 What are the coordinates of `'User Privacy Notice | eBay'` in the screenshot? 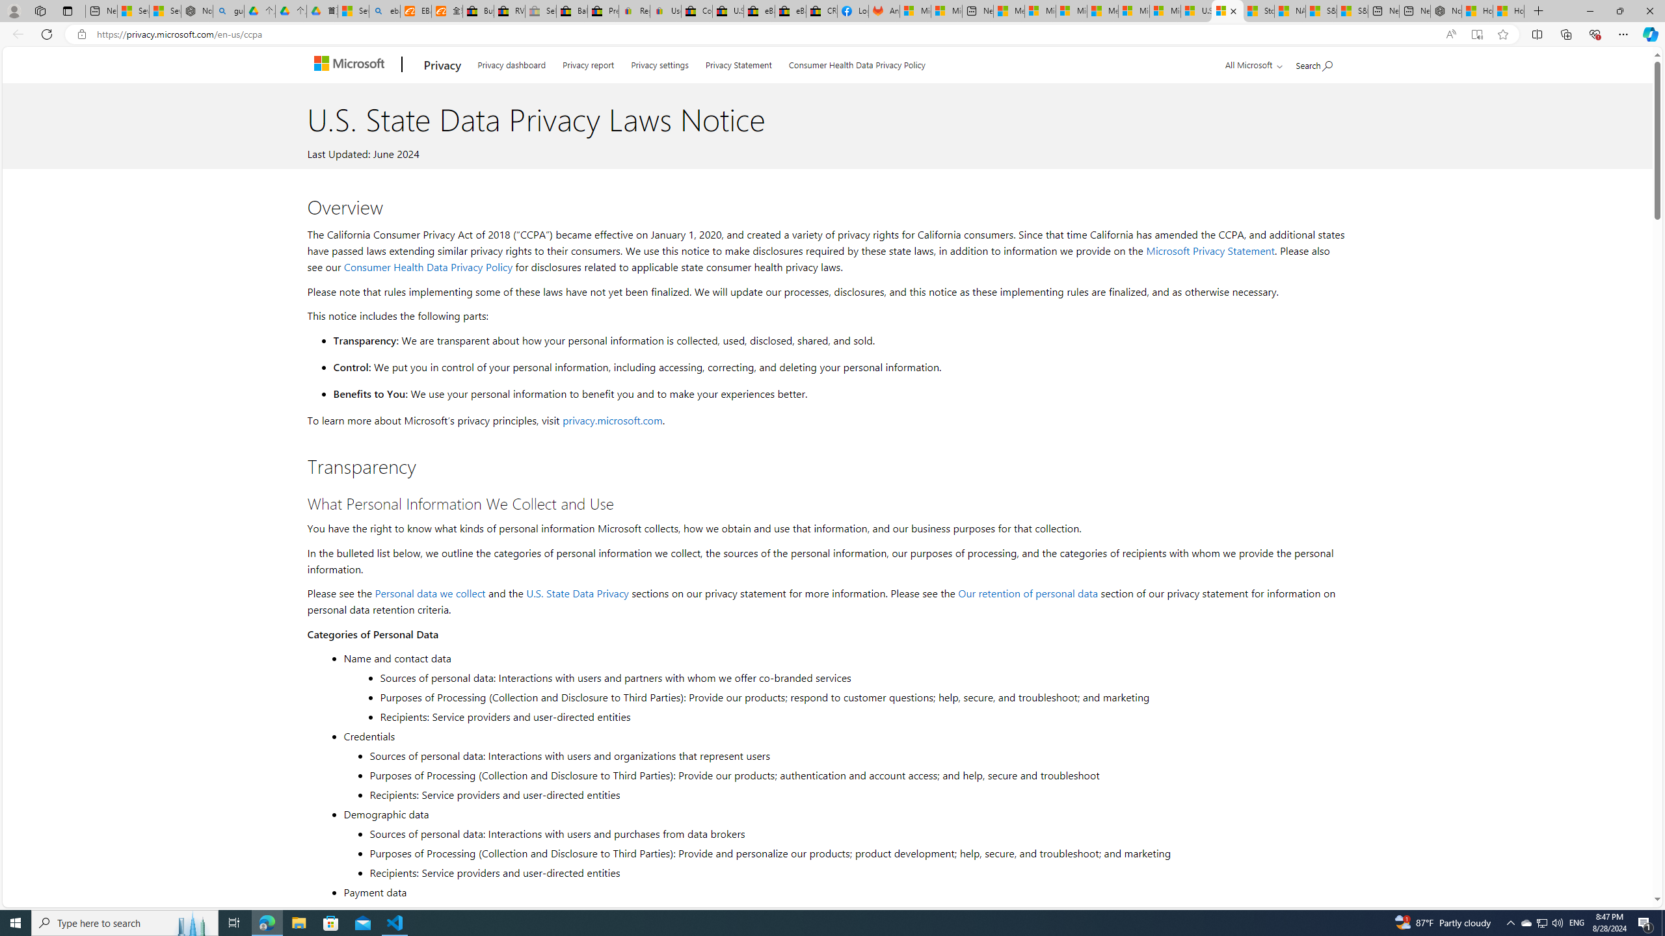 It's located at (665, 10).